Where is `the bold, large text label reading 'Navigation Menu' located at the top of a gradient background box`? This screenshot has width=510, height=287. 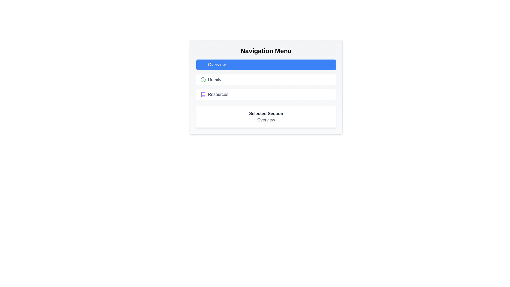 the bold, large text label reading 'Navigation Menu' located at the top of a gradient background box is located at coordinates (266, 51).